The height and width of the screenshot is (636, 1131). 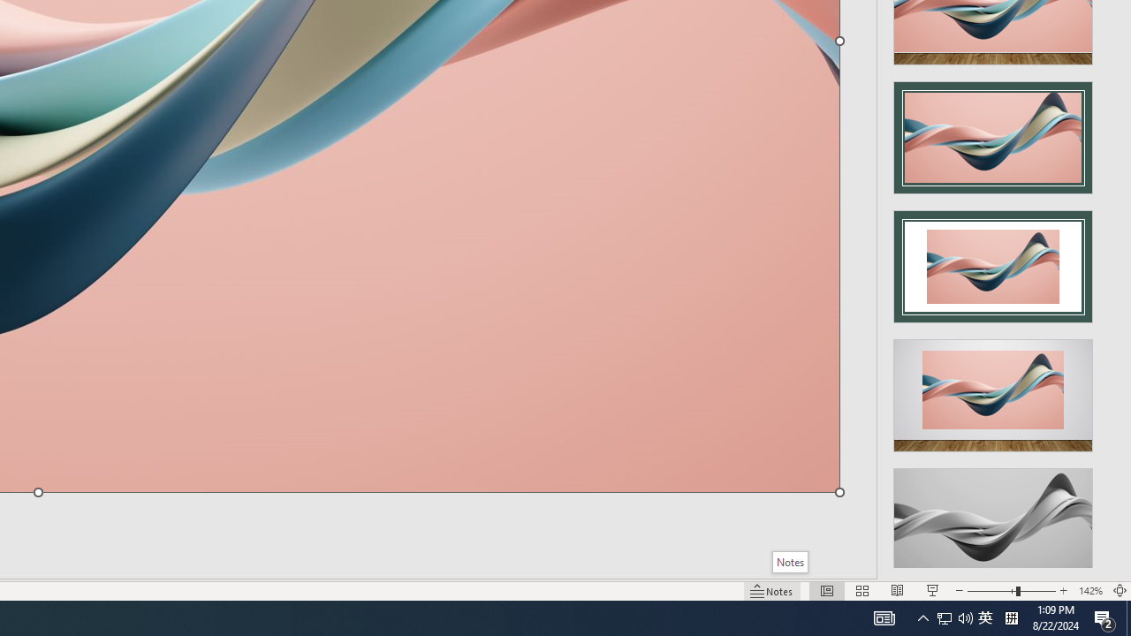 What do you see at coordinates (789, 562) in the screenshot?
I see `'Notes'` at bounding box center [789, 562].